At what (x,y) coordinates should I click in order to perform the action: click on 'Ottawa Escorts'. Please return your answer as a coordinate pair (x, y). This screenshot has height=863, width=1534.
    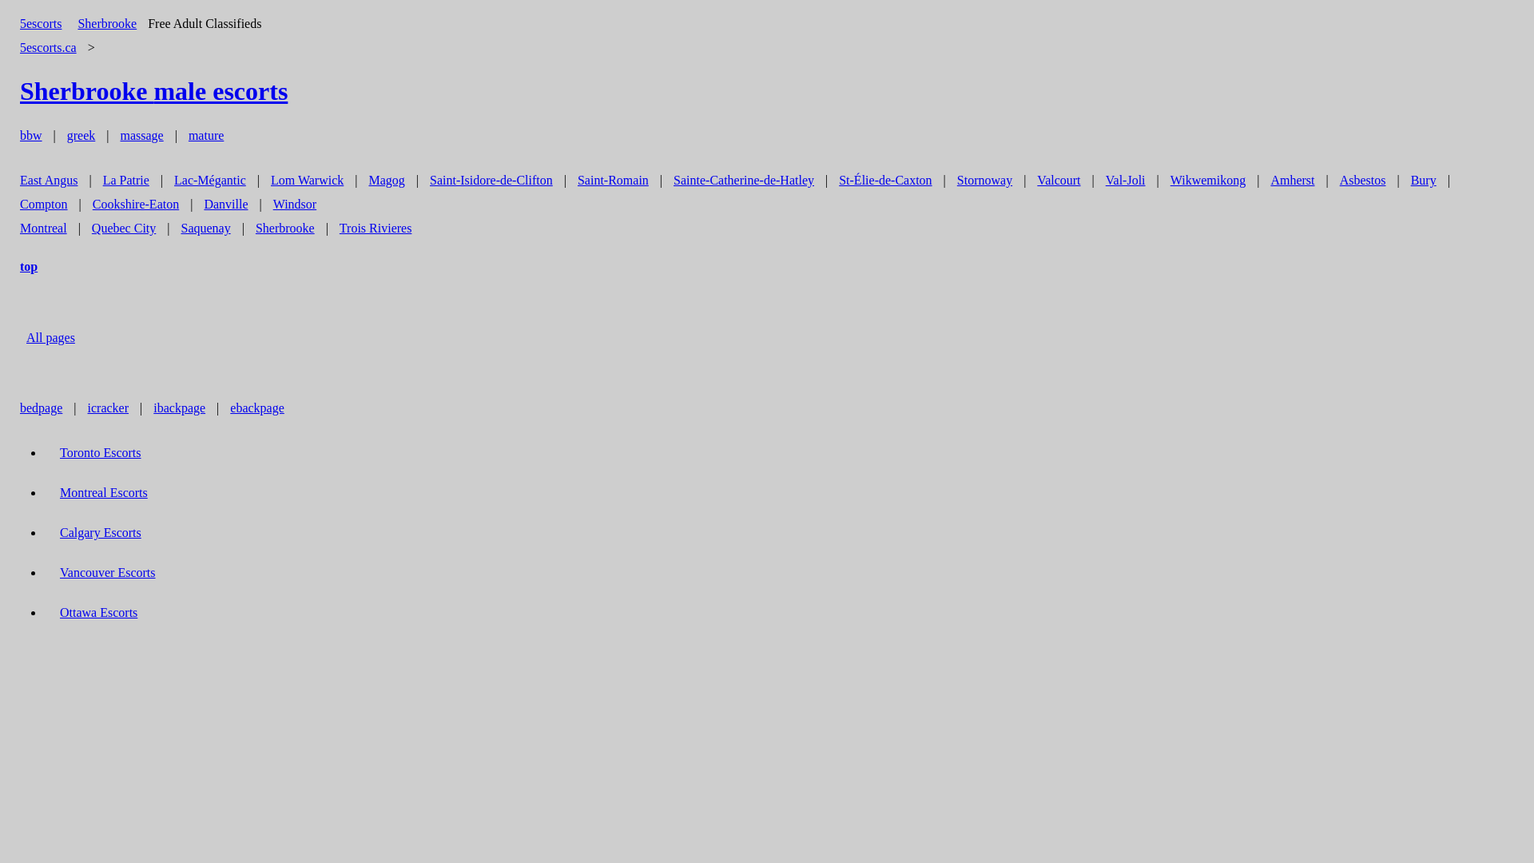
    Looking at the image, I should click on (97, 611).